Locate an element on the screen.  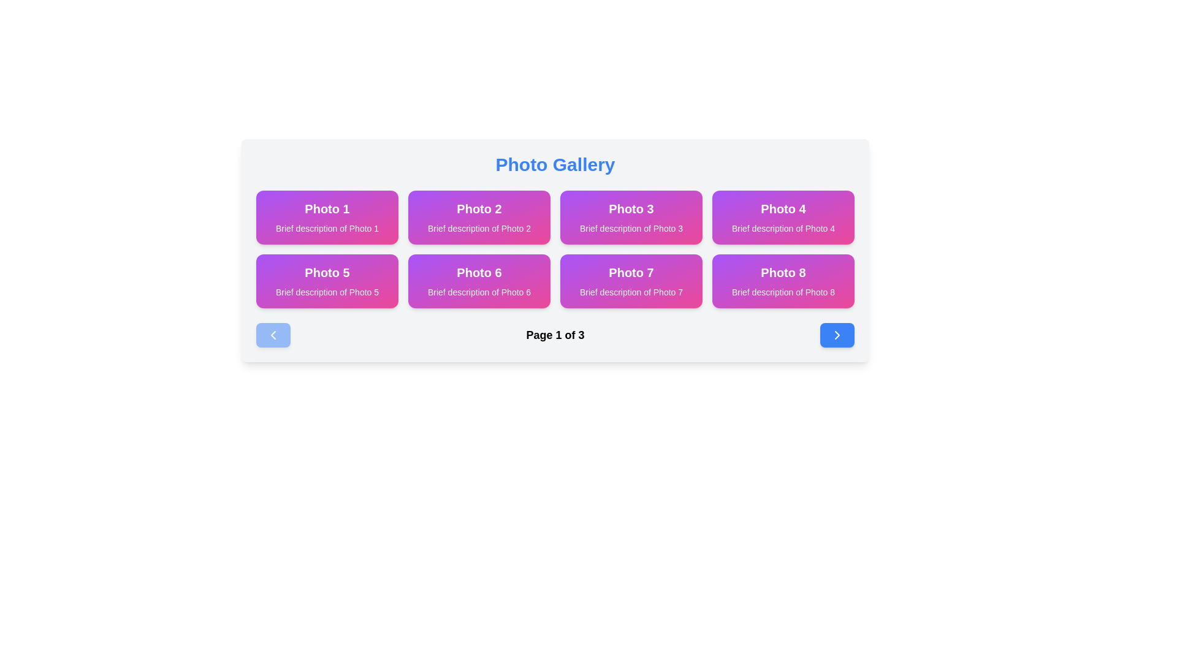
the Card component, which is the fourth item in the photo gallery grid is located at coordinates (782, 216).